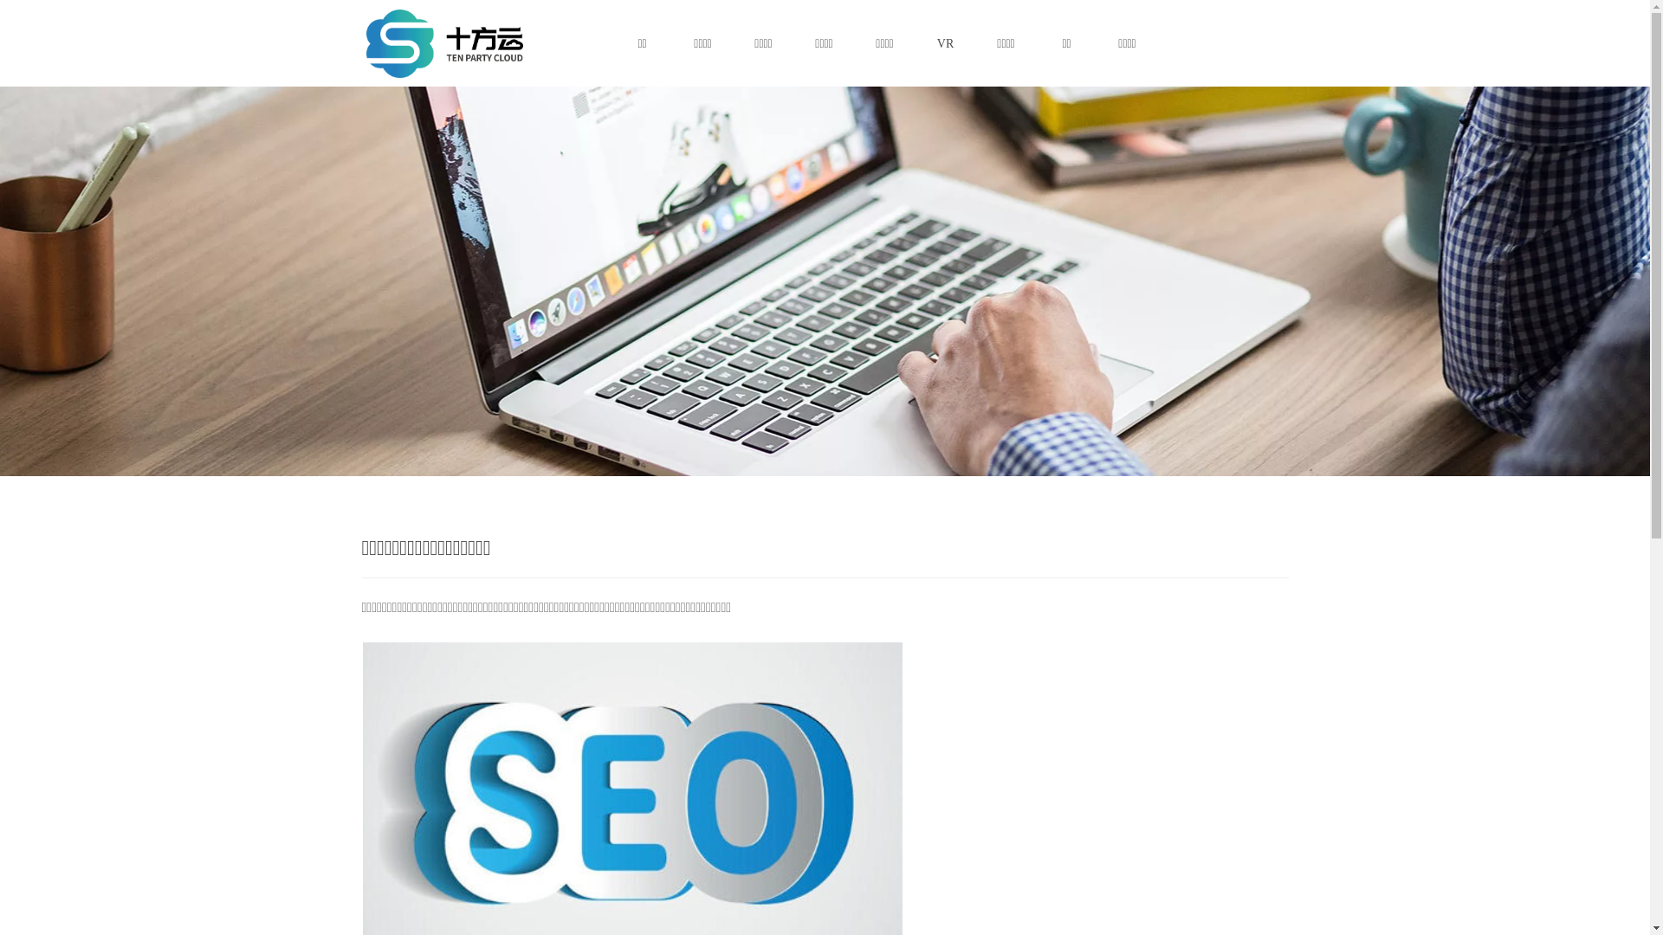  Describe the element at coordinates (943, 42) in the screenshot. I see `'VR'` at that location.